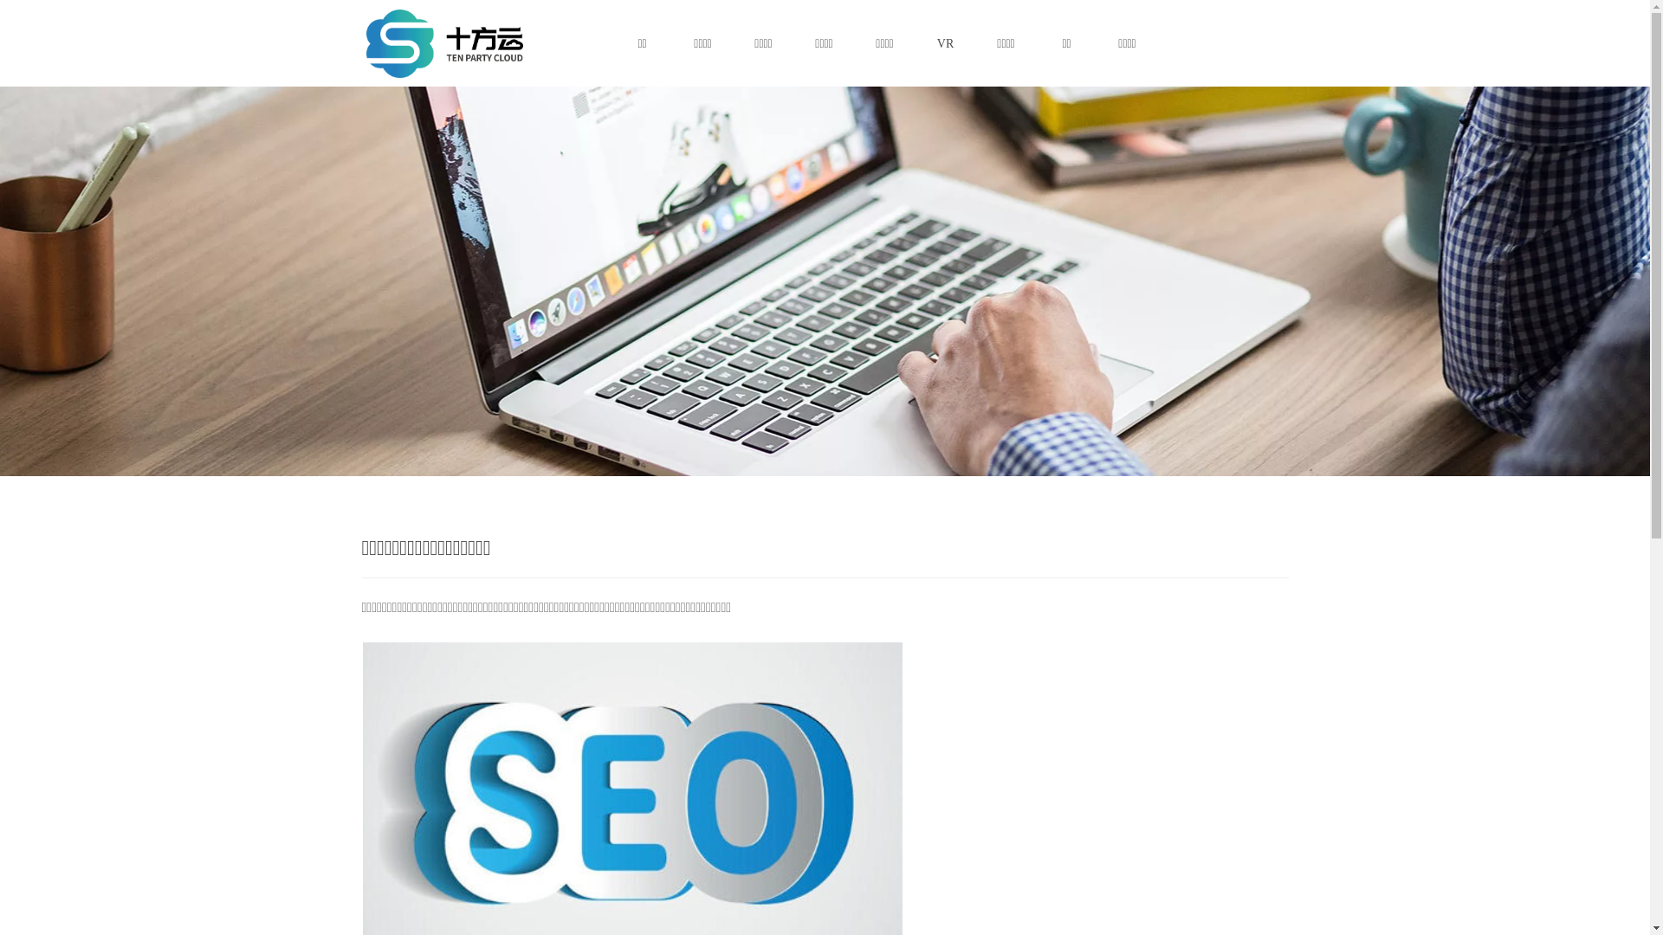  Describe the element at coordinates (943, 42) in the screenshot. I see `'VR'` at that location.